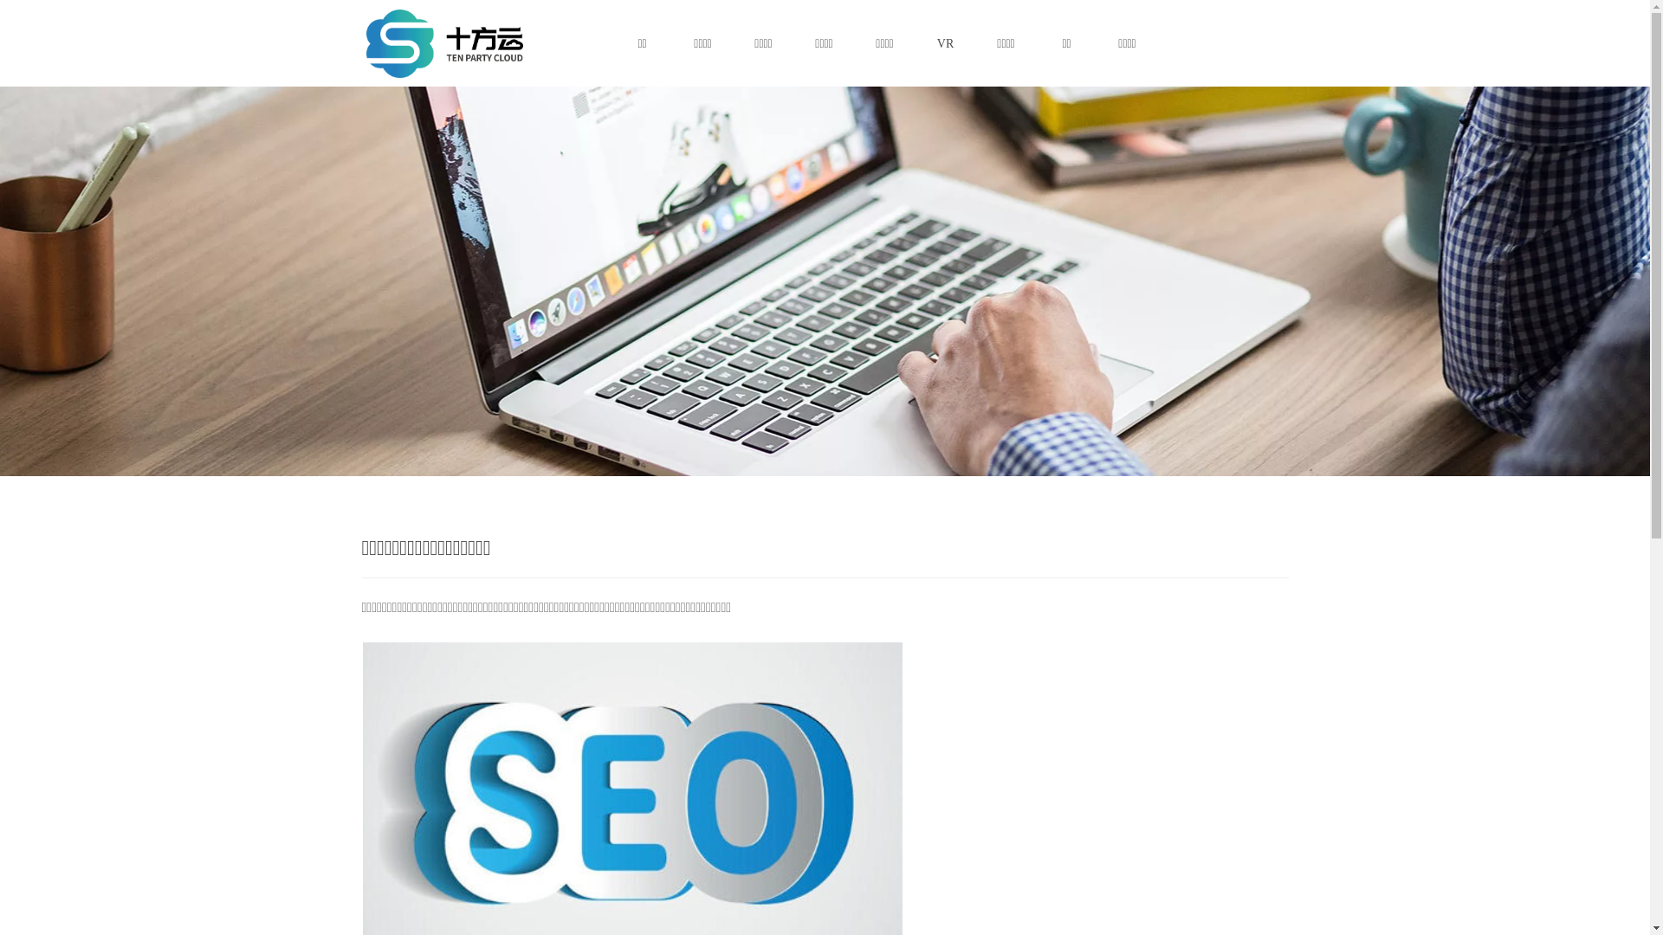  Describe the element at coordinates (943, 42) in the screenshot. I see `'VR'` at that location.